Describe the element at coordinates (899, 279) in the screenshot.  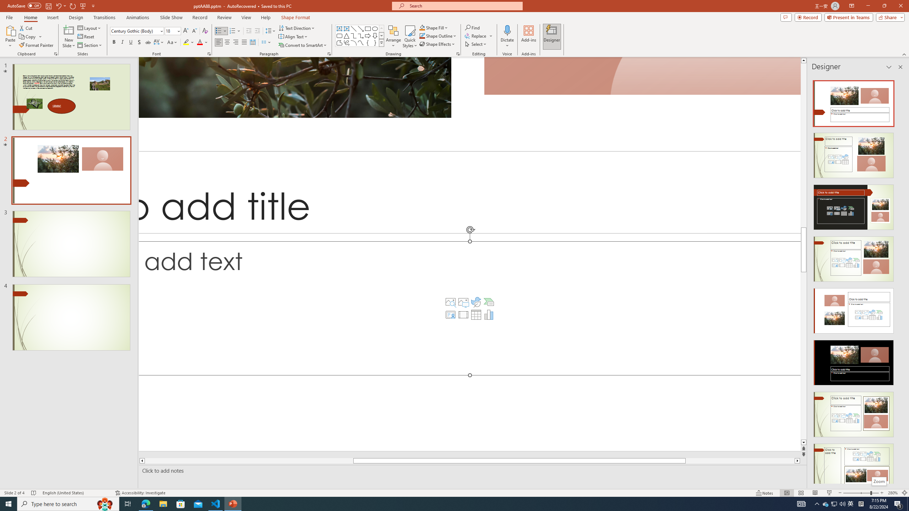
I see `'Class: NetUIScrollBar'` at that location.